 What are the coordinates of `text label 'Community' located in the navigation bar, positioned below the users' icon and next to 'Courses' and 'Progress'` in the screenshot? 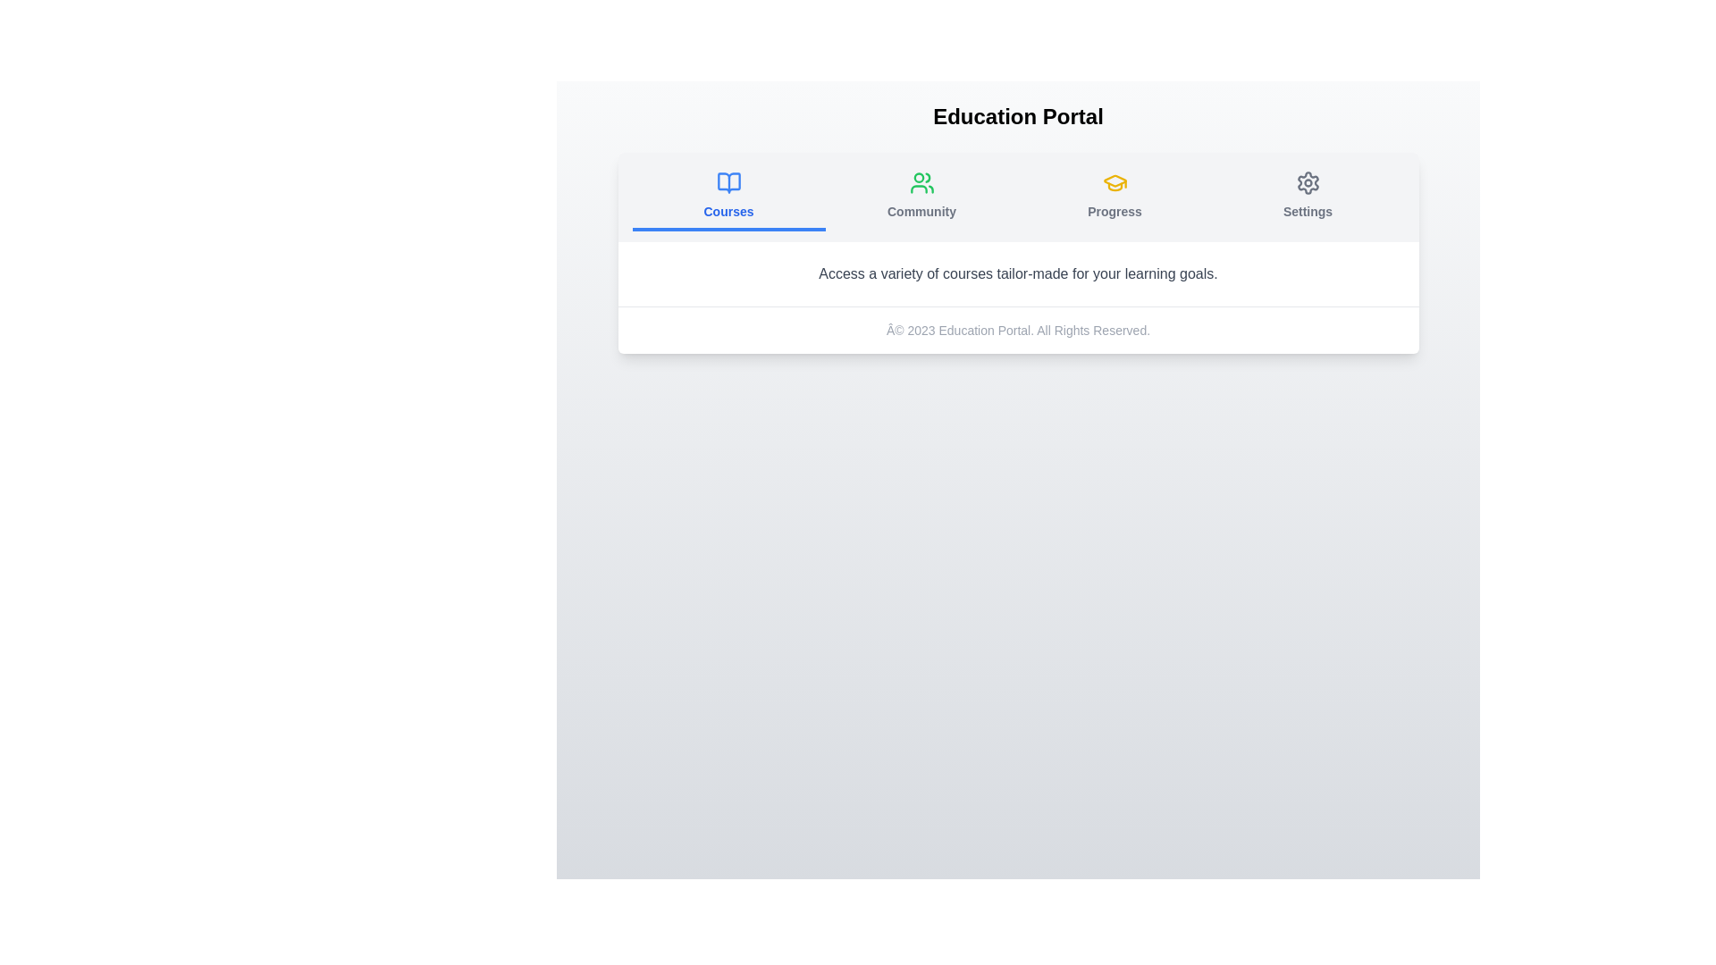 It's located at (921, 210).